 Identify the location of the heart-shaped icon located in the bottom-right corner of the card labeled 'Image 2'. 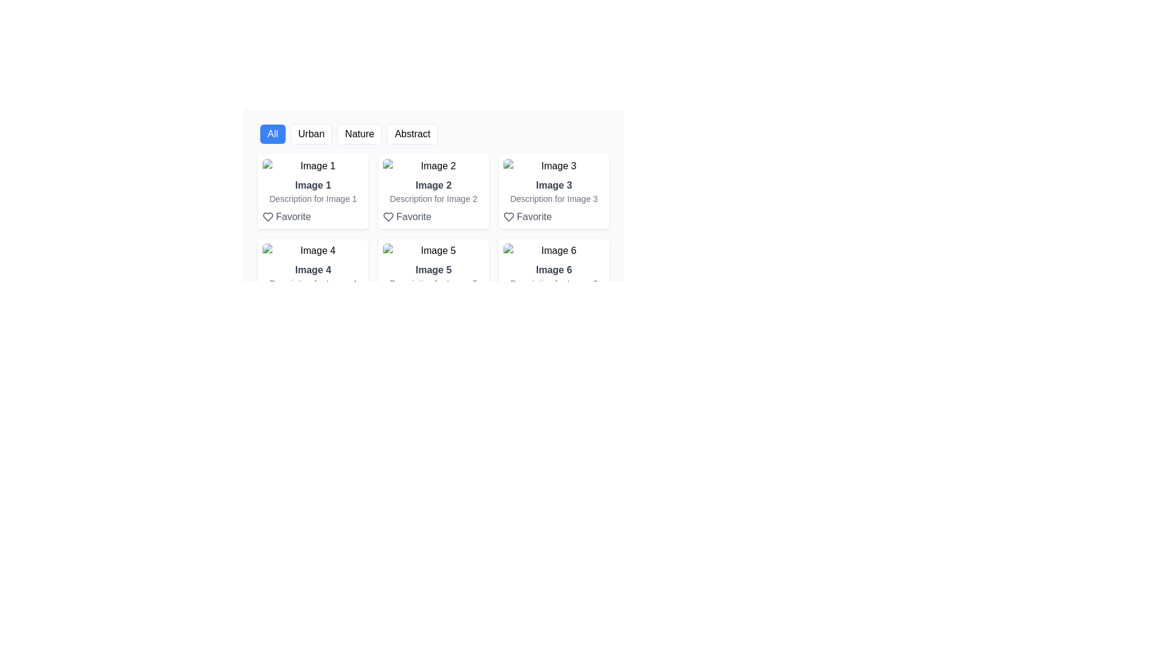
(267, 216).